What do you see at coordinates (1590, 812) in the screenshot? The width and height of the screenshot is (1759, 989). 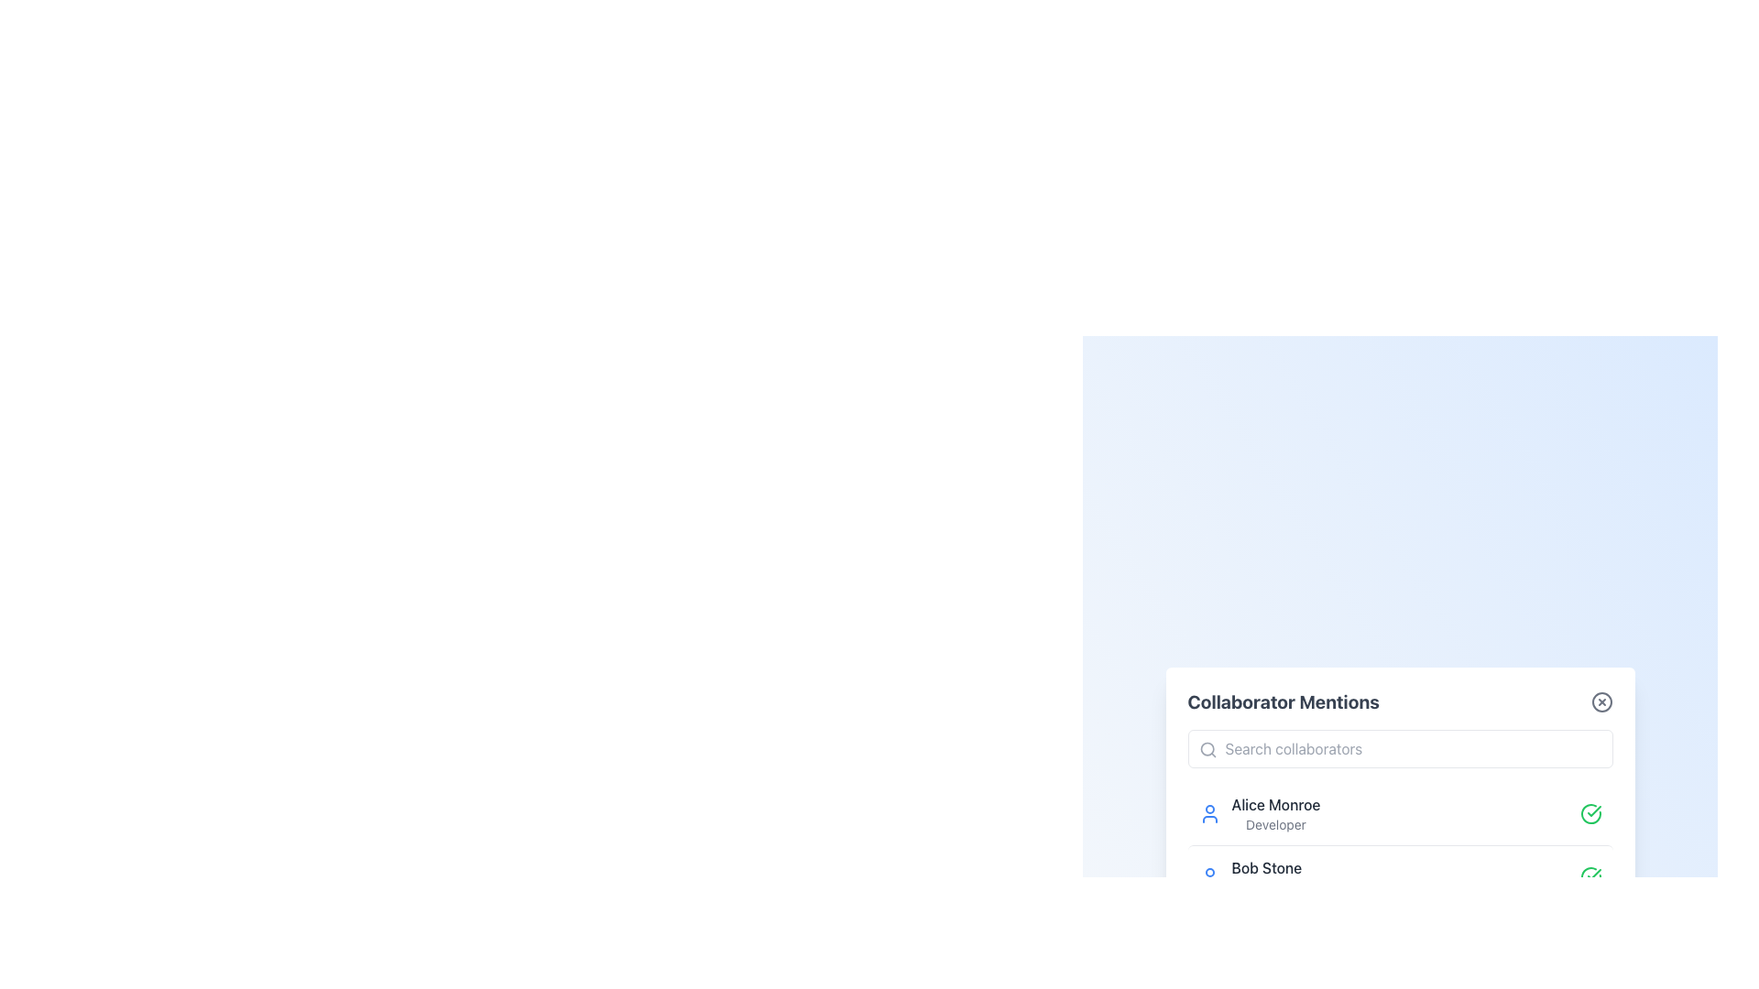 I see `the status icon indicating selection or confirmation for the entry labeled 'Alice Monroe Developer', which is positioned at the far right of the entry` at bounding box center [1590, 812].